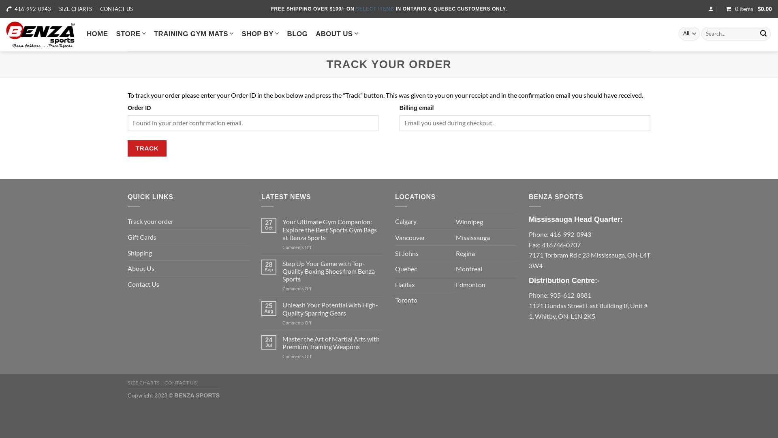  I want to click on '0 items, so click(746, 9).